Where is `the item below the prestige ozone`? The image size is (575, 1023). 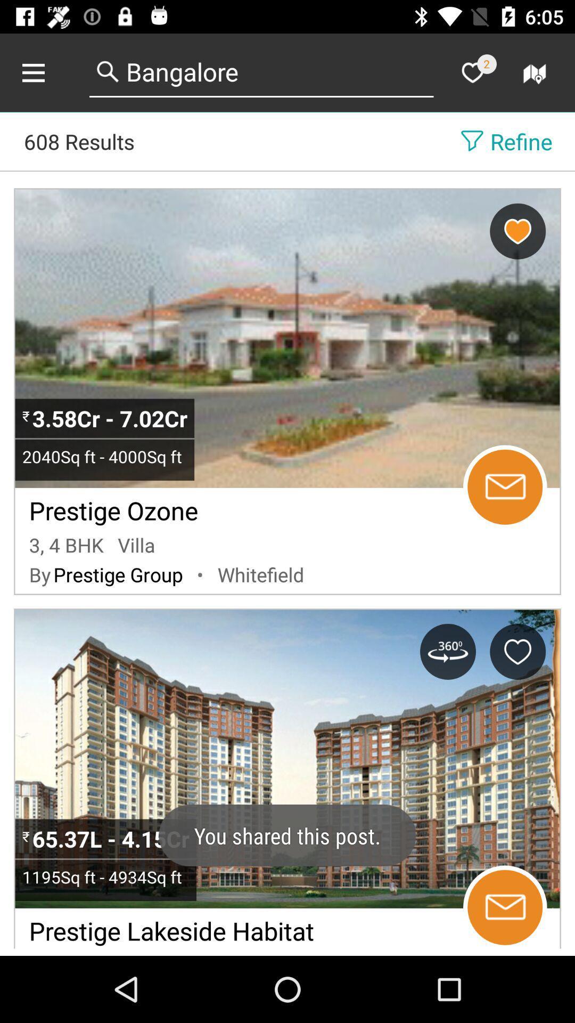 the item below the prestige ozone is located at coordinates (66, 545).